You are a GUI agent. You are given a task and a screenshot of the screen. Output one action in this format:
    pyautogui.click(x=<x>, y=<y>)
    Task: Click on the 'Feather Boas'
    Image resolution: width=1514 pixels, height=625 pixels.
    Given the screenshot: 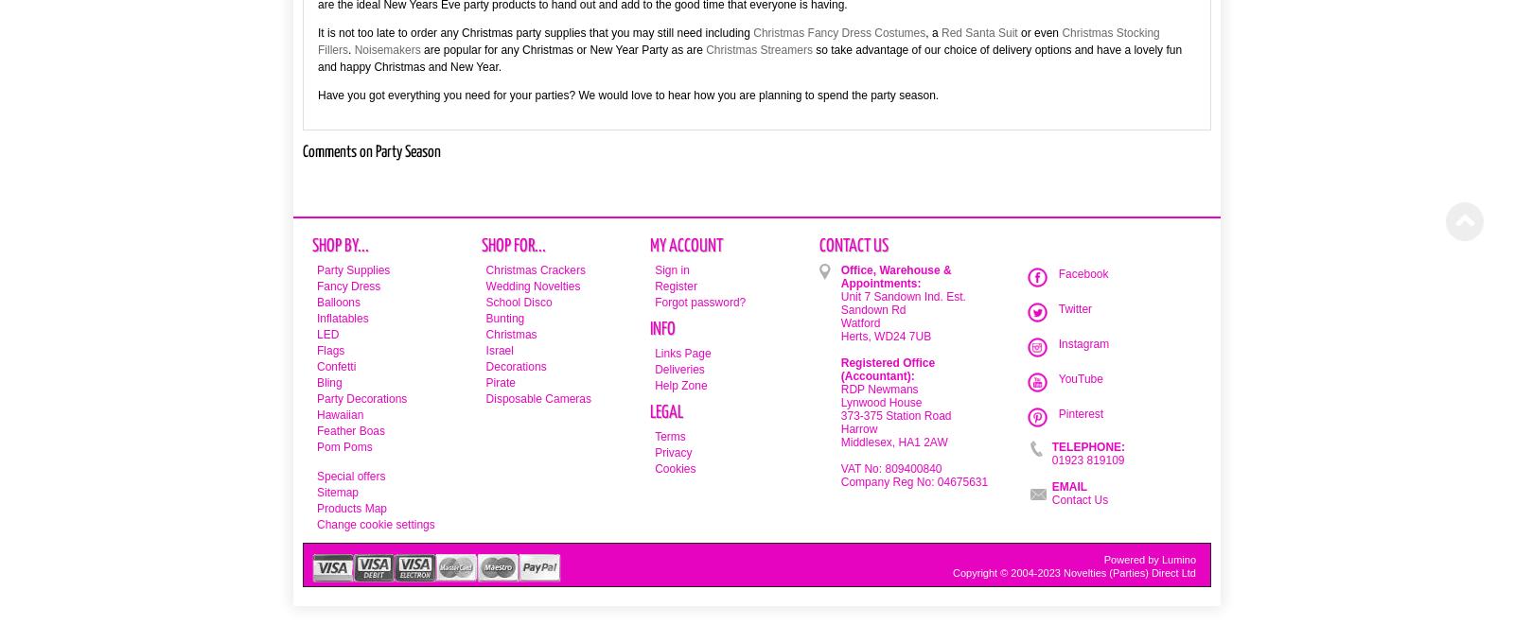 What is the action you would take?
    pyautogui.click(x=351, y=430)
    